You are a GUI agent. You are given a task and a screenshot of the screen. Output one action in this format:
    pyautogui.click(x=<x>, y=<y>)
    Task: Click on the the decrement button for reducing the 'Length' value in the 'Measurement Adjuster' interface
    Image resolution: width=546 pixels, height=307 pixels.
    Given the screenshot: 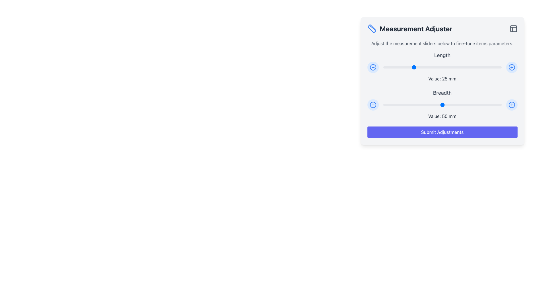 What is the action you would take?
    pyautogui.click(x=373, y=67)
    